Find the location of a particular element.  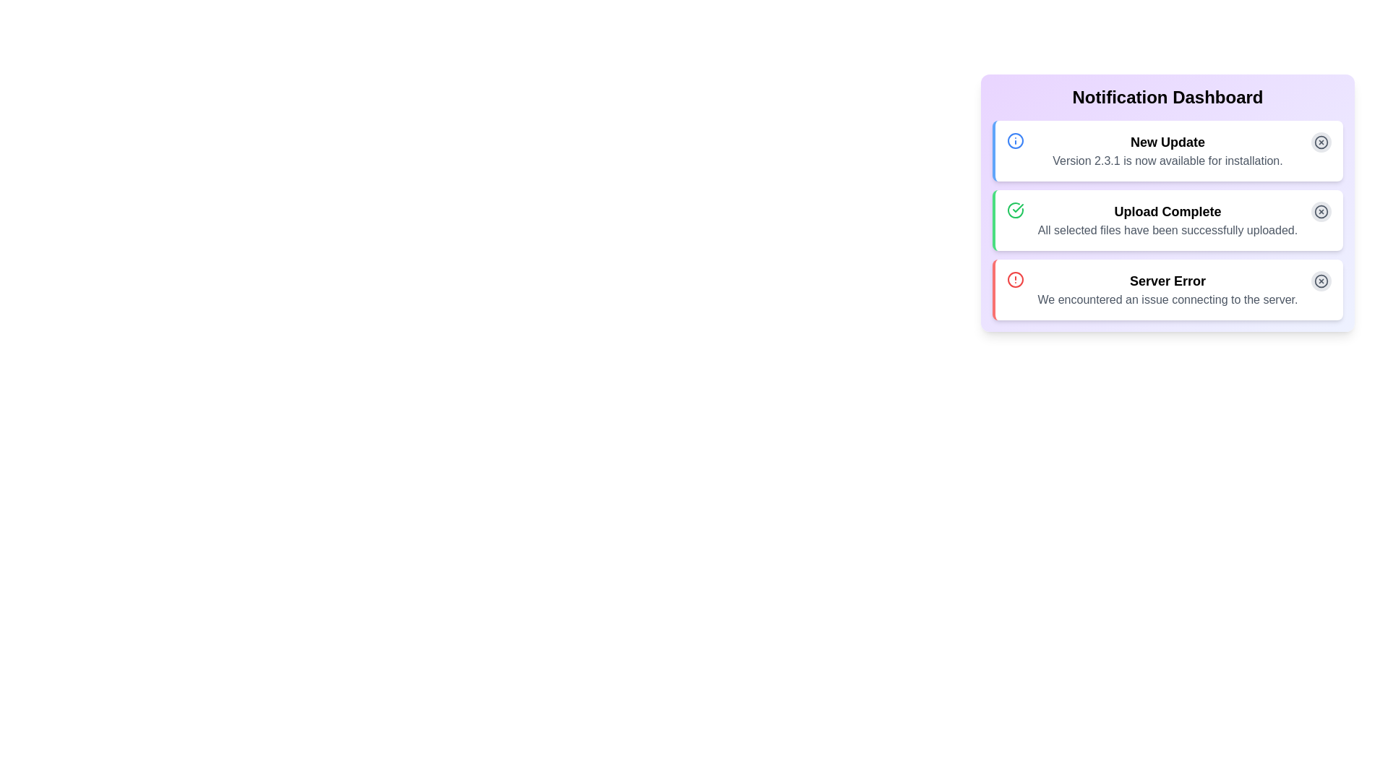

the dismiss button located in the top-right corner of the 'New Update' notification box is located at coordinates (1321, 142).